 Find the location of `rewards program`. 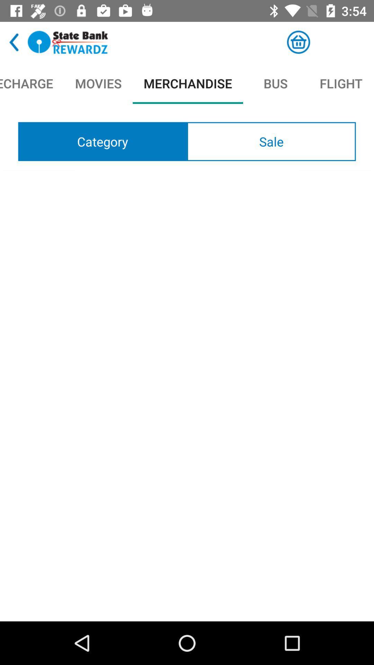

rewards program is located at coordinates (68, 42).